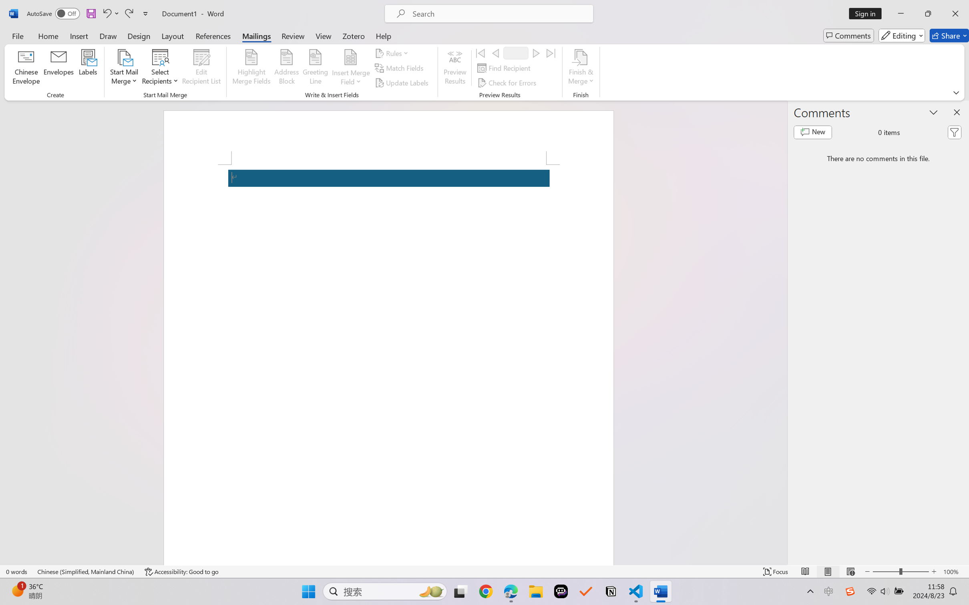 The image size is (969, 605). What do you see at coordinates (392, 52) in the screenshot?
I see `'Rules'` at bounding box center [392, 52].